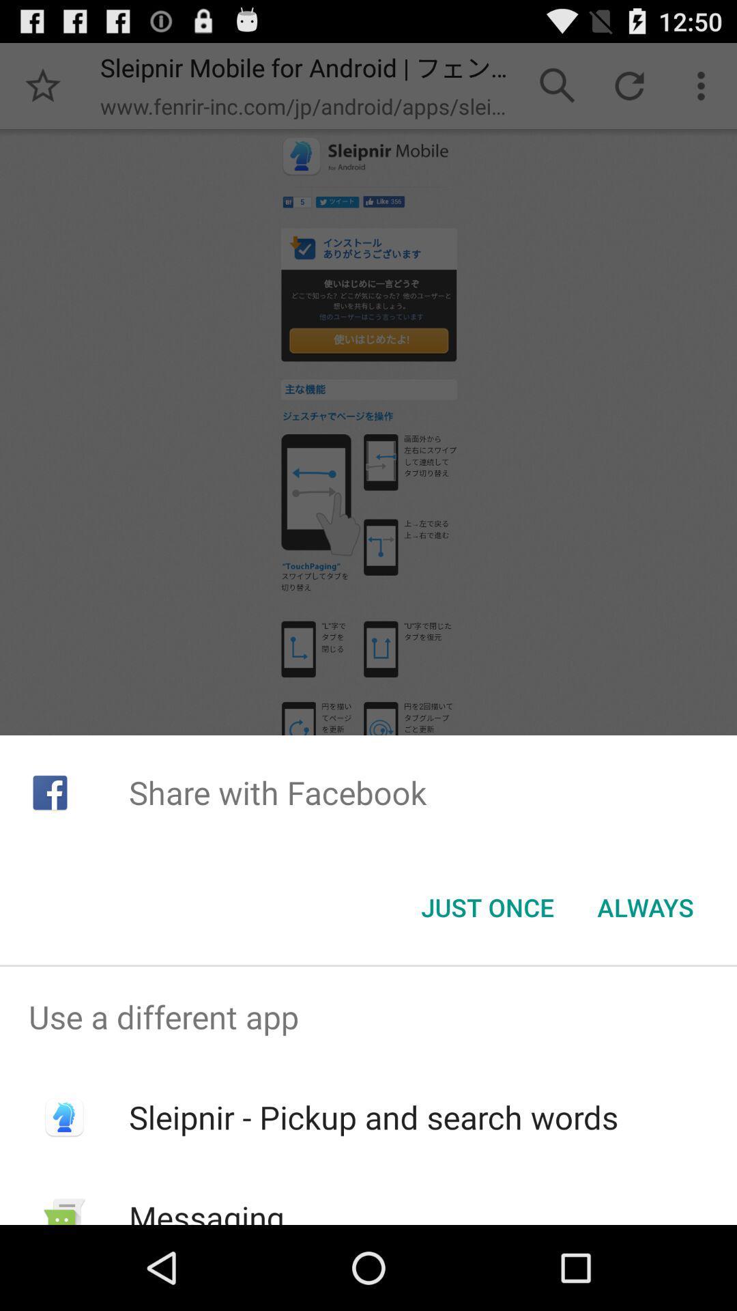  Describe the element at coordinates (373, 1117) in the screenshot. I see `sleipnir pickup and icon` at that location.